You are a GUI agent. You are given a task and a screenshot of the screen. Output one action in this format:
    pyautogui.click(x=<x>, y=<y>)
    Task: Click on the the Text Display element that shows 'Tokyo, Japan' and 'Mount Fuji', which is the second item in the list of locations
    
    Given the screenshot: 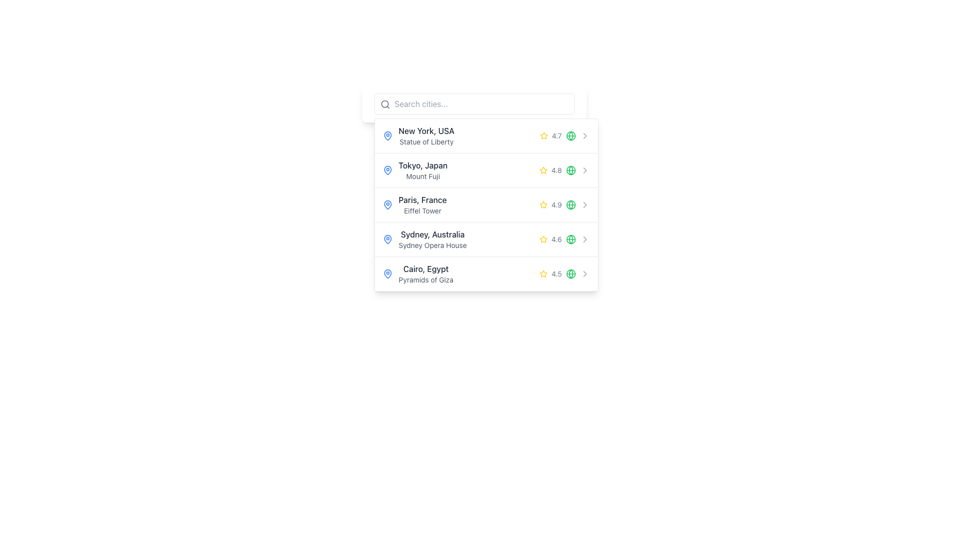 What is the action you would take?
    pyautogui.click(x=423, y=169)
    